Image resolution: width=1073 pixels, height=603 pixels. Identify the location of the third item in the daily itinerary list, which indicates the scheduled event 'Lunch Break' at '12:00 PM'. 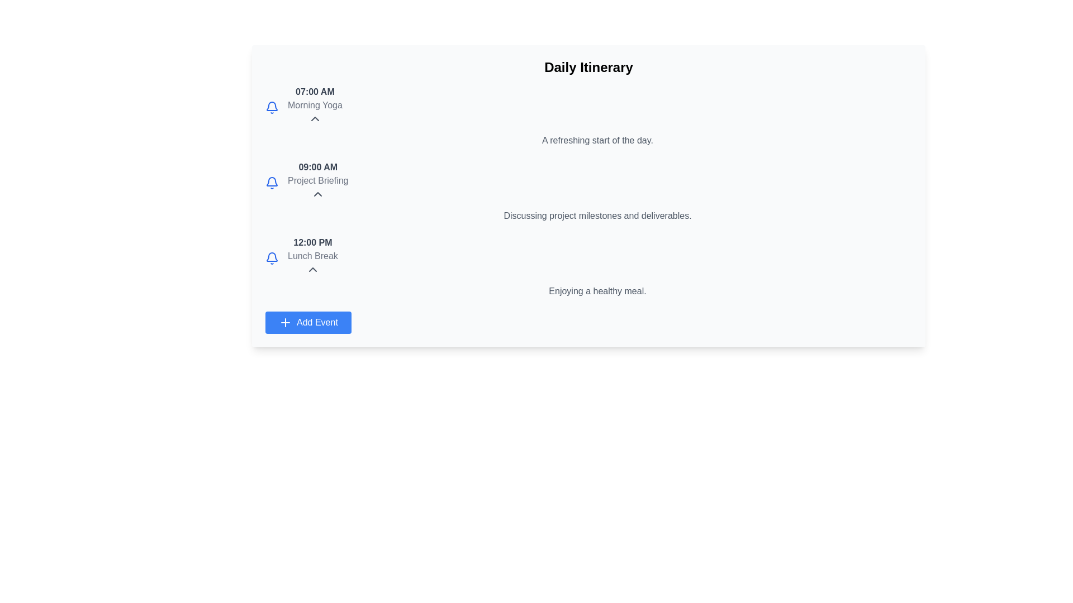
(312, 258).